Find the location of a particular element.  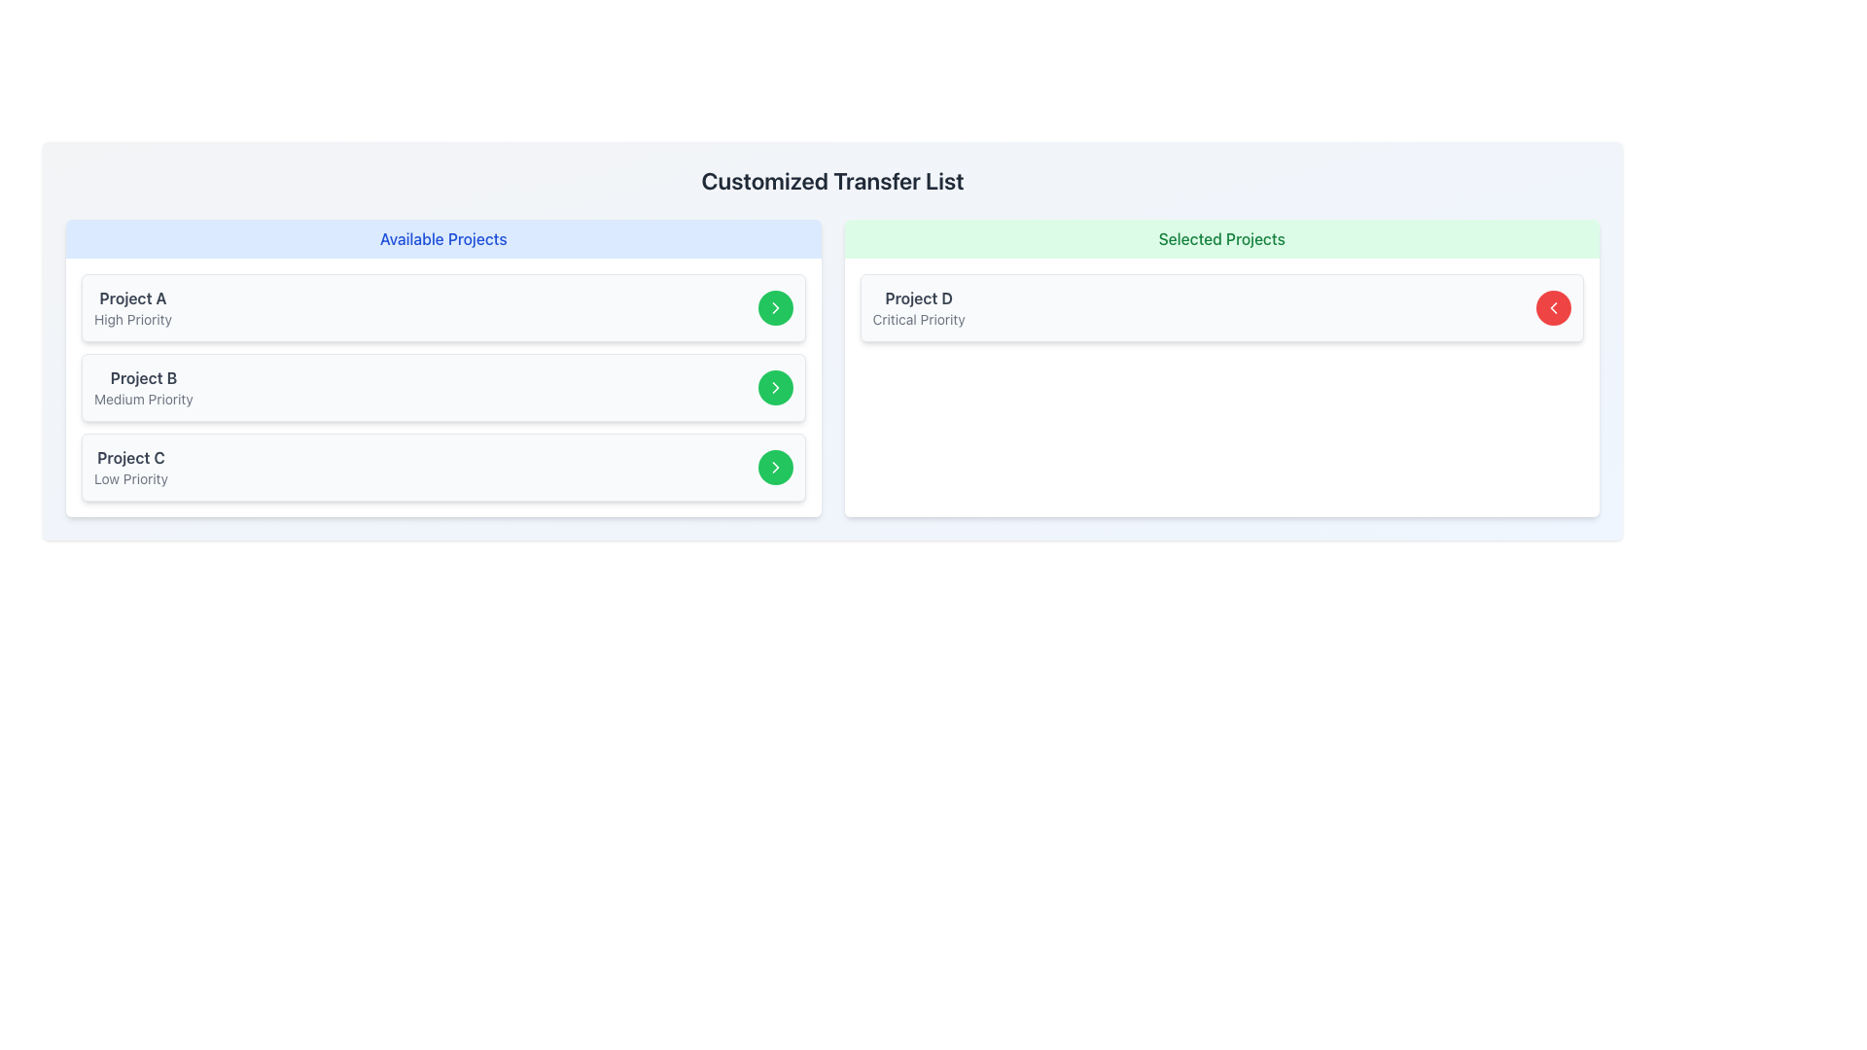

the green circular button icon located on the far-right side of the 'Project C (Low Priority)' list item in the 'Available Projects' section is located at coordinates (774, 387).